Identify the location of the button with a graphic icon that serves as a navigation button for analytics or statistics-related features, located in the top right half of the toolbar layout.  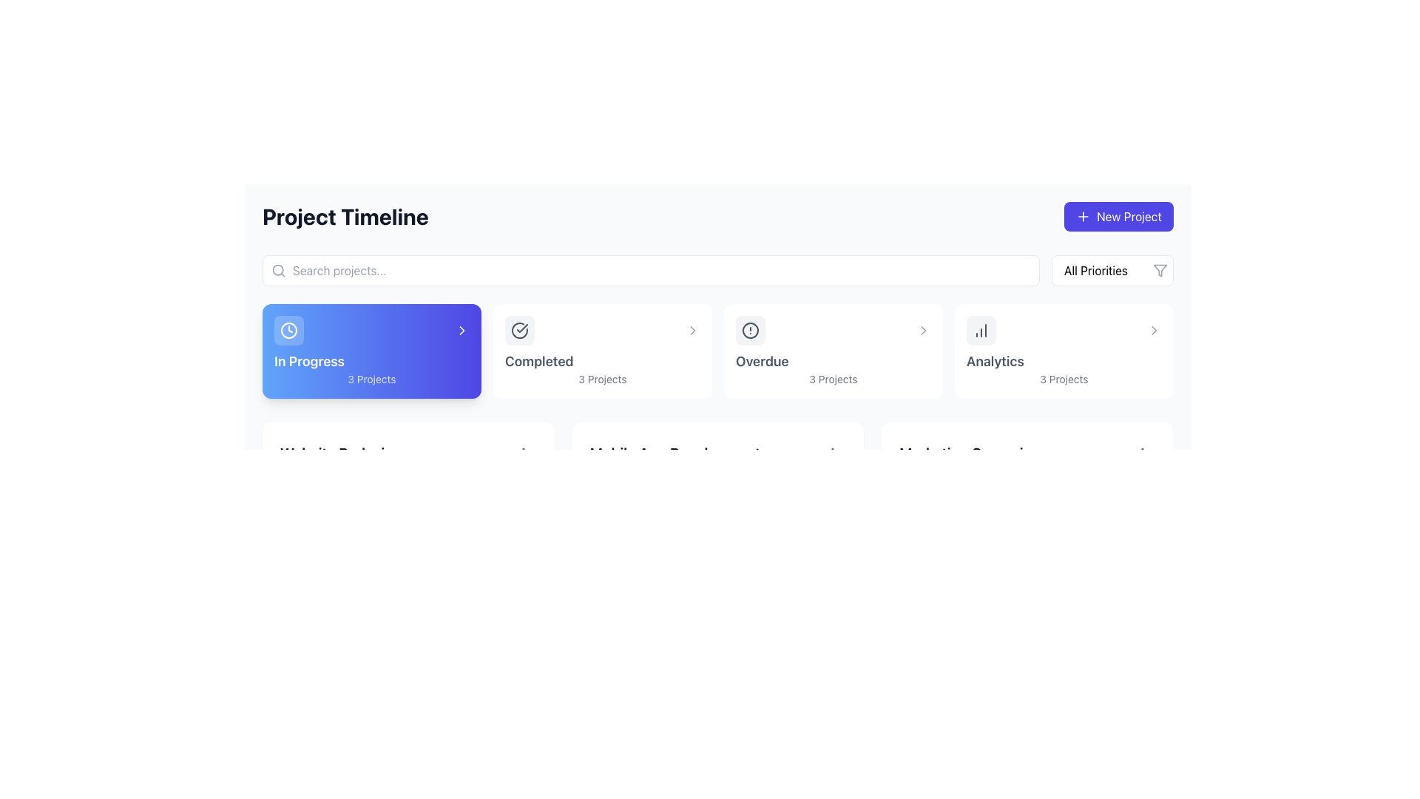
(981, 330).